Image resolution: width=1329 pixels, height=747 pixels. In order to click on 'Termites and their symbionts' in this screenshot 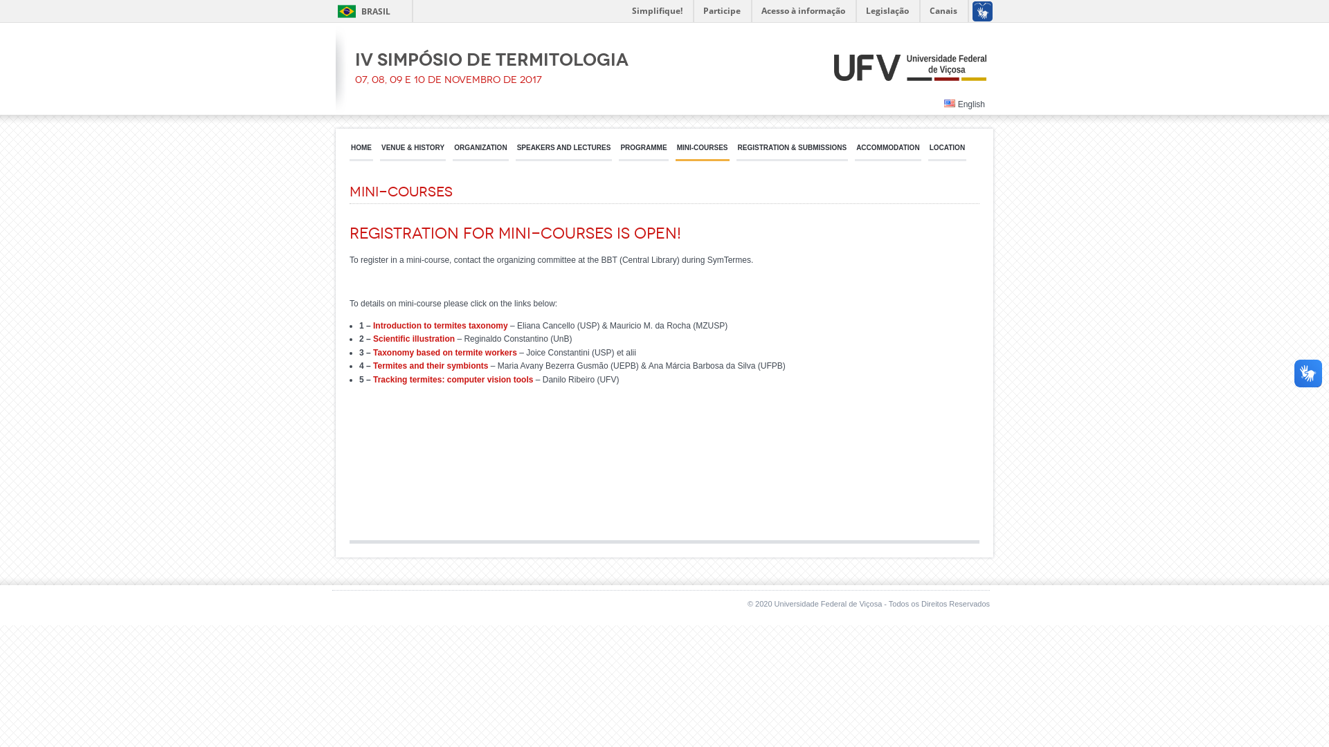, I will do `click(430, 365)`.